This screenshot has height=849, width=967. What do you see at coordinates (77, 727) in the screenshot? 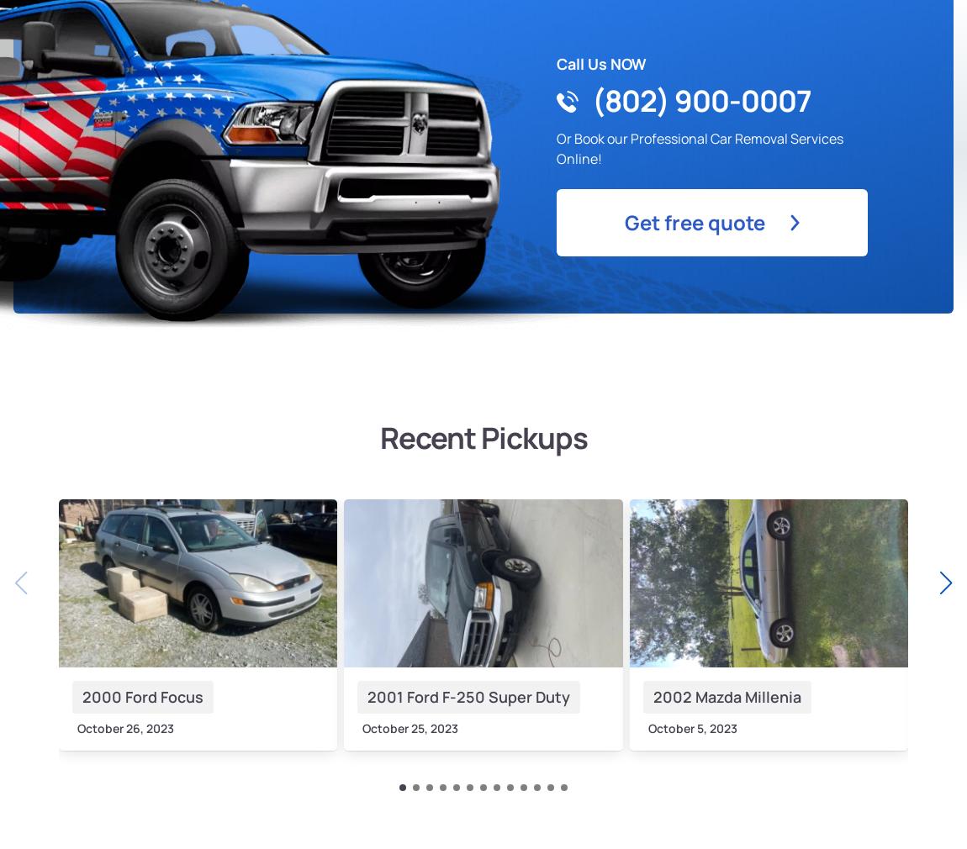
I see `'October 26, 2023'` at bounding box center [77, 727].